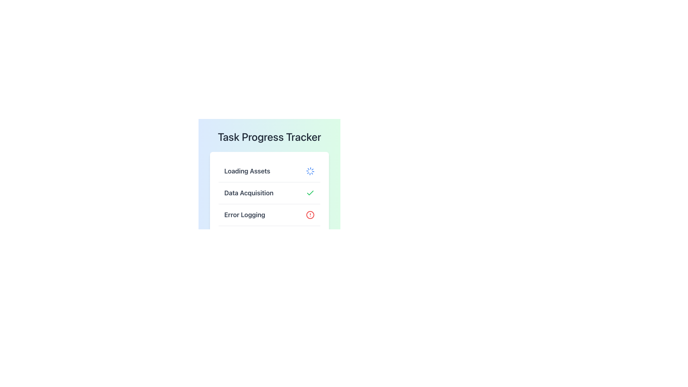 This screenshot has height=387, width=688. What do you see at coordinates (249, 193) in the screenshot?
I see `the static text label reading 'Data Acquisition', which is styled in bold gray text and positioned in the second row of the vertical list within the 'Task Progress Tracker' section` at bounding box center [249, 193].